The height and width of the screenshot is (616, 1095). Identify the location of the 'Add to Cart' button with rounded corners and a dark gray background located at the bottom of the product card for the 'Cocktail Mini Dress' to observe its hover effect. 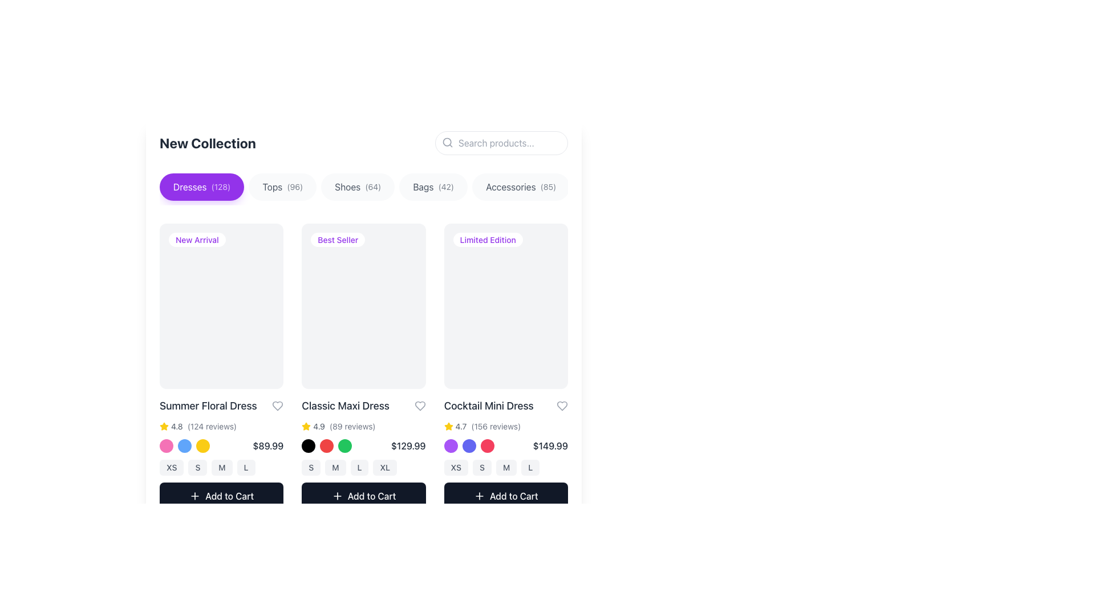
(505, 495).